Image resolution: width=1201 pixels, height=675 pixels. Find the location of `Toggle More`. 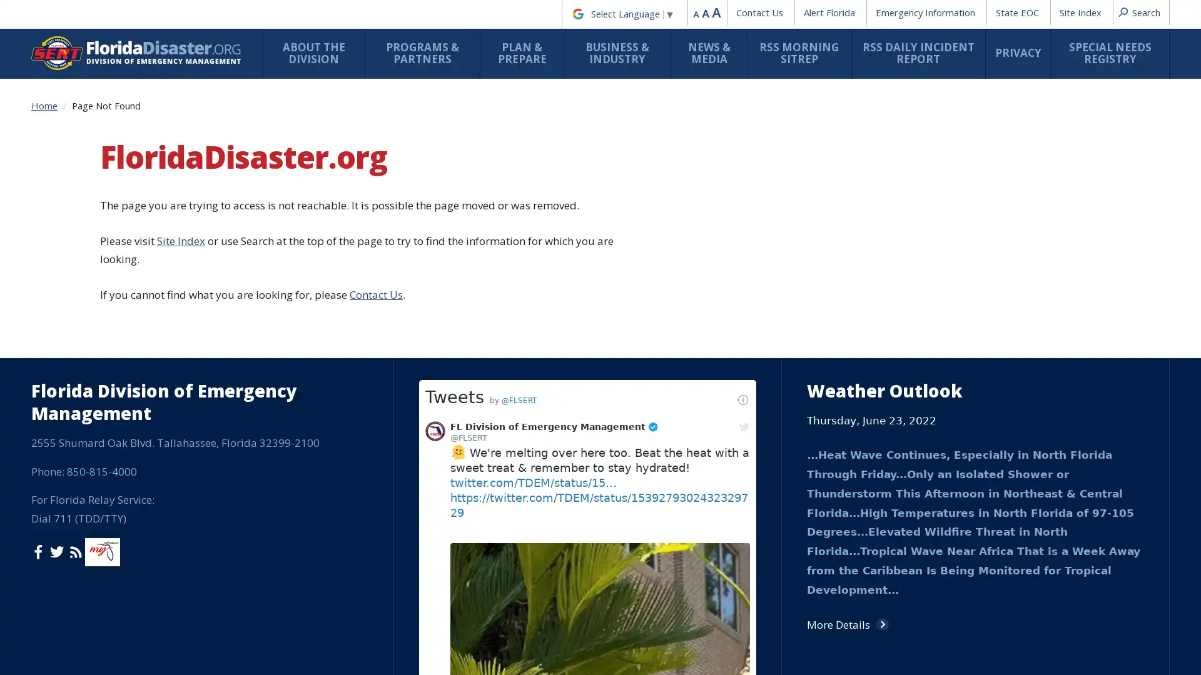

Toggle More is located at coordinates (501, 238).